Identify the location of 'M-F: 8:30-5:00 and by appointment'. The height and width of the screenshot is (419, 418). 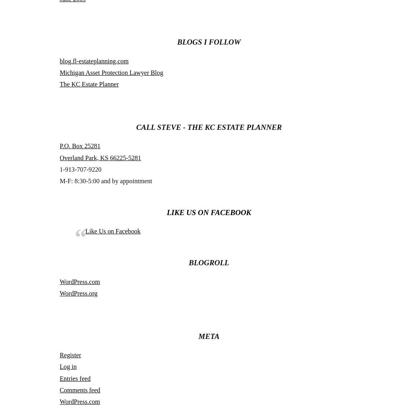
(105, 180).